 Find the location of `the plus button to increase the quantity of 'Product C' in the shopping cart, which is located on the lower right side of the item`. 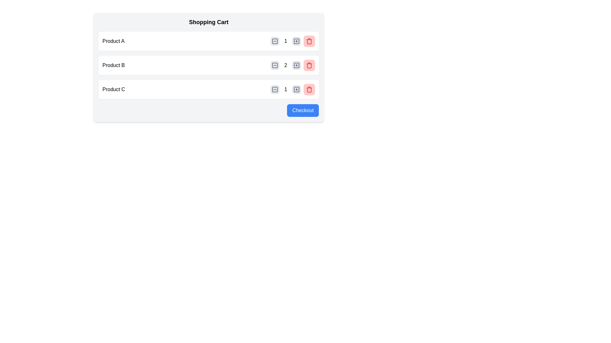

the plus button to increase the quantity of 'Product C' in the shopping cart, which is located on the lower right side of the item is located at coordinates (292, 89).